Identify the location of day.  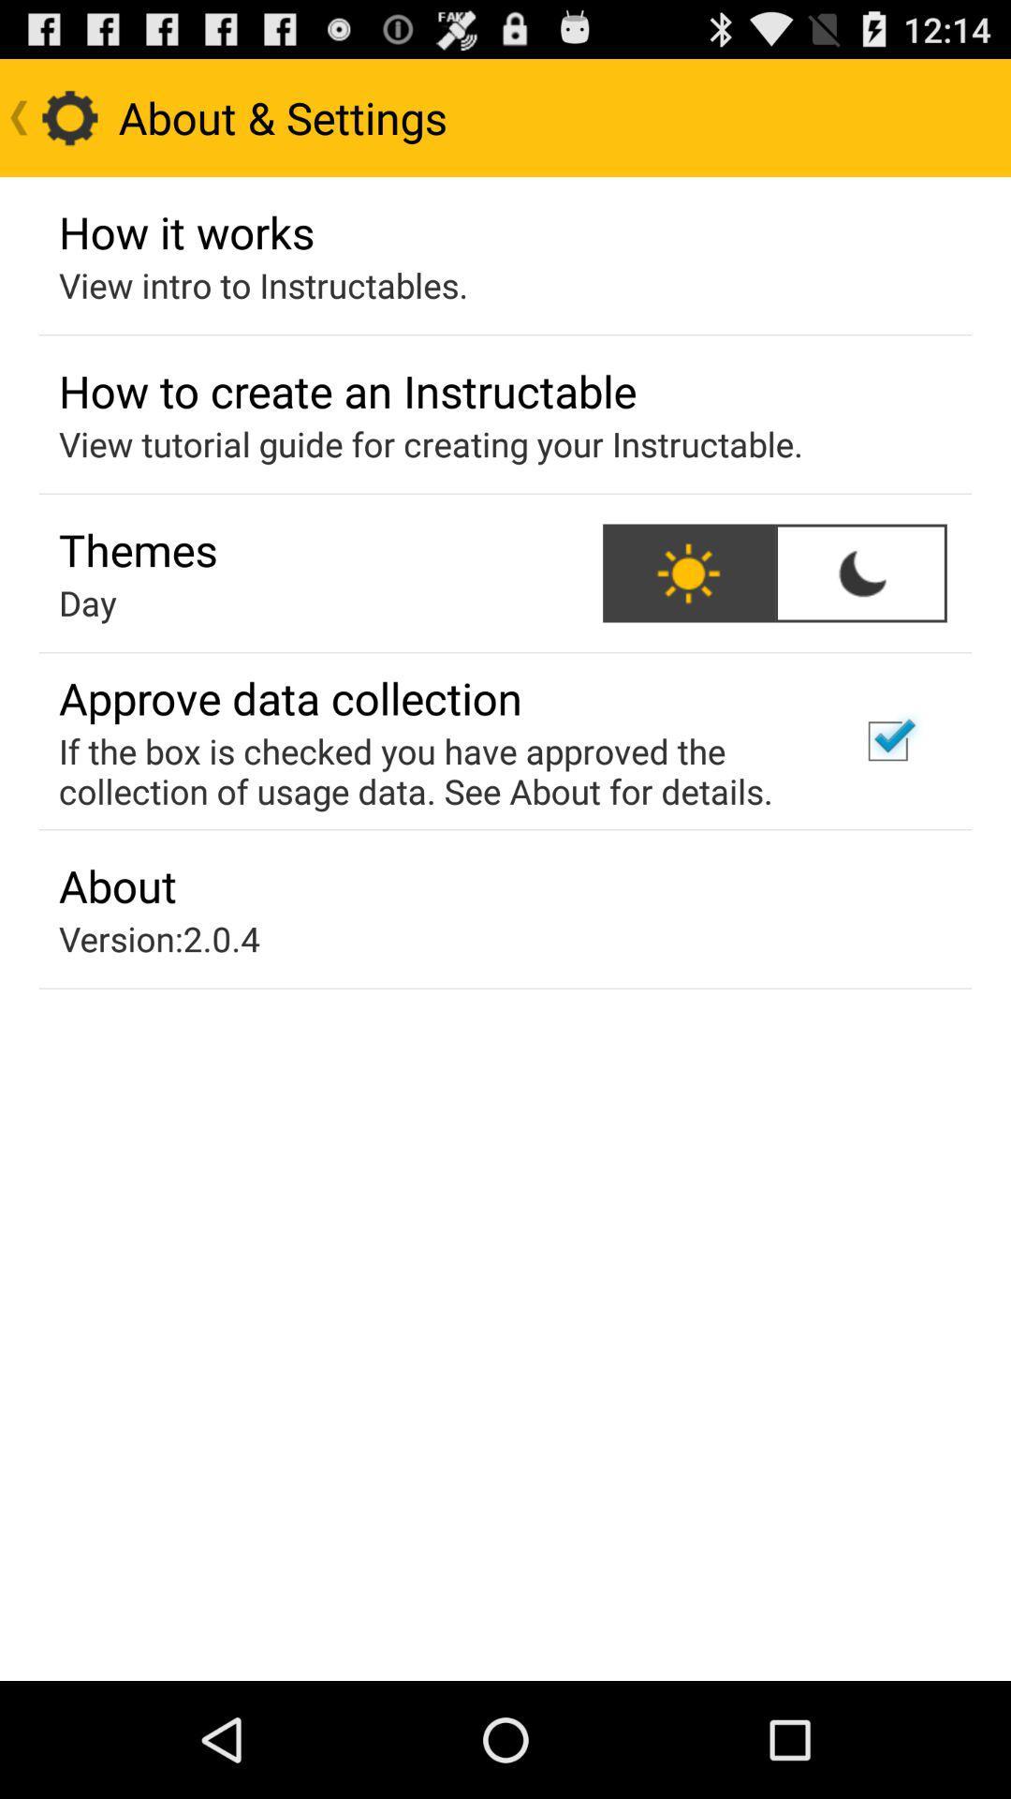
(87, 602).